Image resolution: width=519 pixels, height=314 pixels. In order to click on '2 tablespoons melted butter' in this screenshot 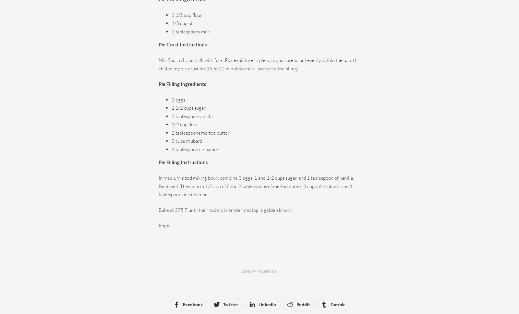, I will do `click(171, 132)`.